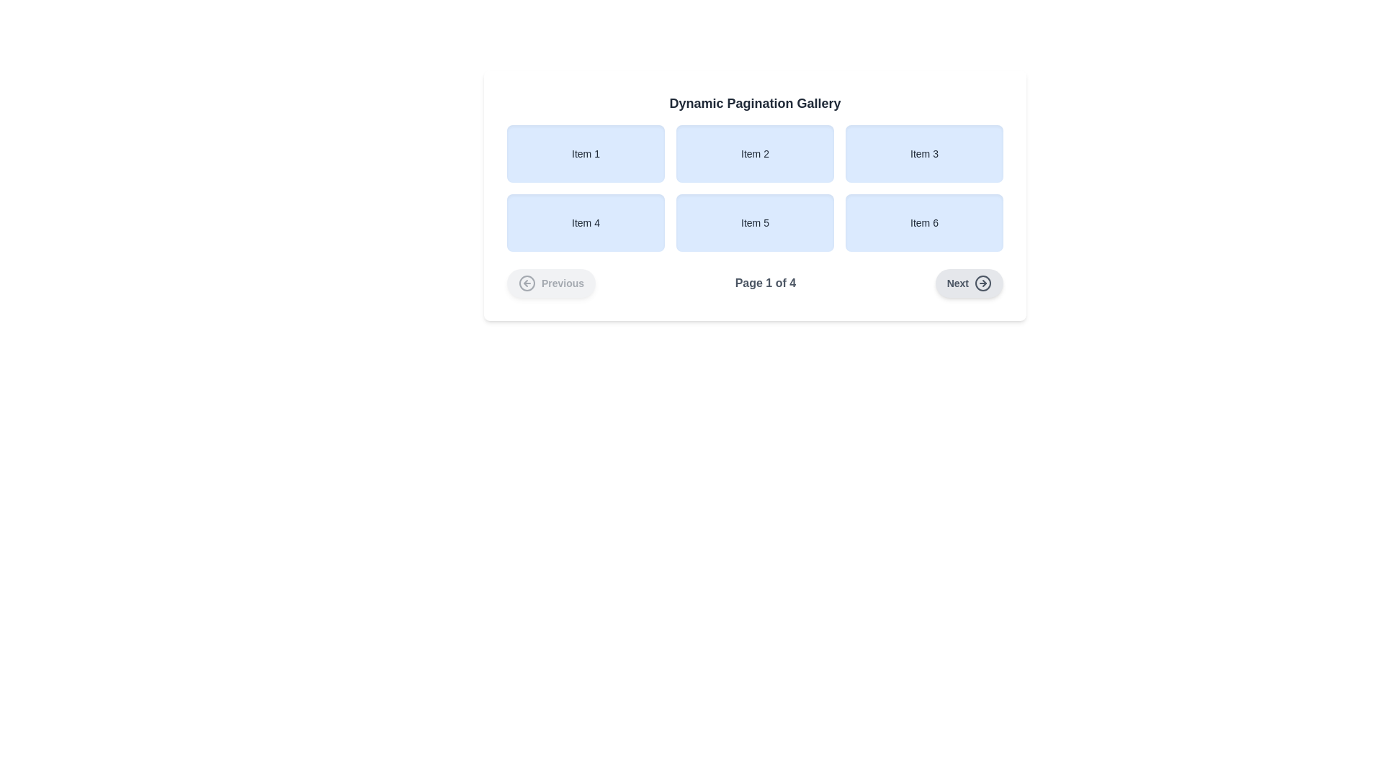 Image resolution: width=1383 pixels, height=777 pixels. Describe the element at coordinates (924, 153) in the screenshot. I see `the text label 'Item 3' which is the third box in the first row of a grid layout, featuring a light blue background and rounded corners` at that location.